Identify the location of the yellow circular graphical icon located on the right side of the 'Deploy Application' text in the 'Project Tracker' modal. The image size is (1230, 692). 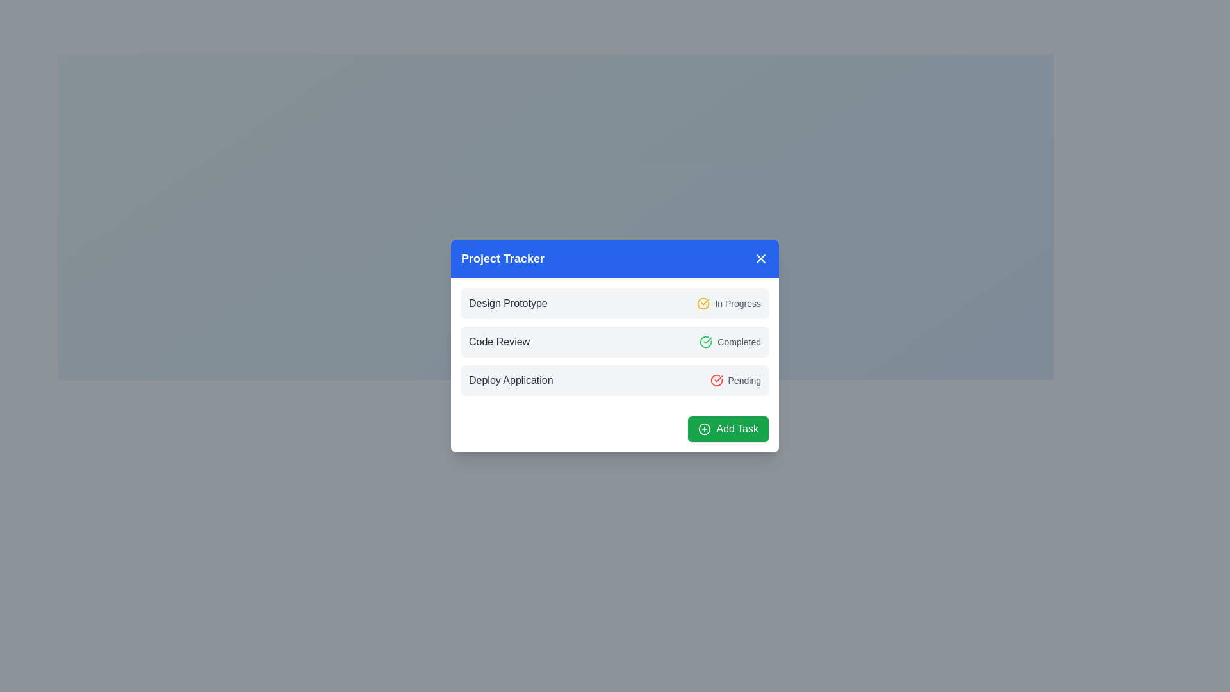
(703, 304).